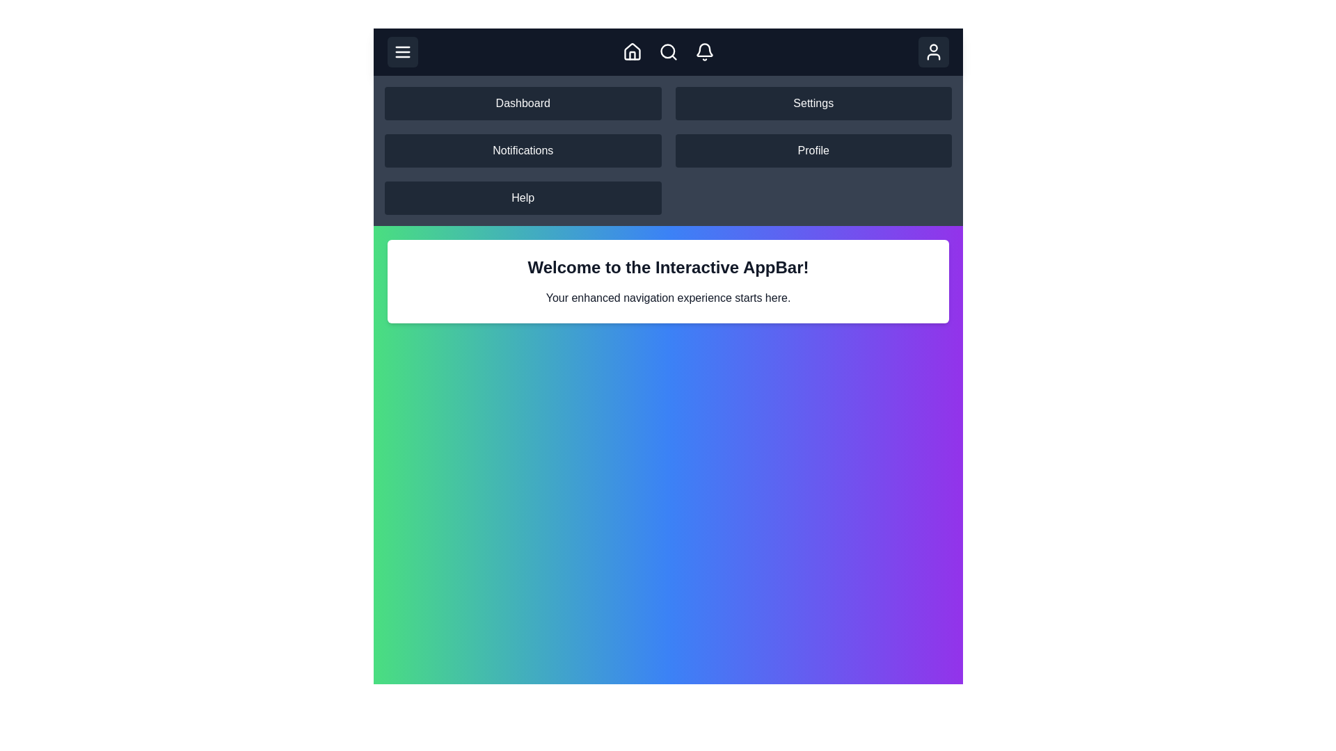 The image size is (1336, 751). What do you see at coordinates (813, 103) in the screenshot?
I see `the navigation item Settings` at bounding box center [813, 103].